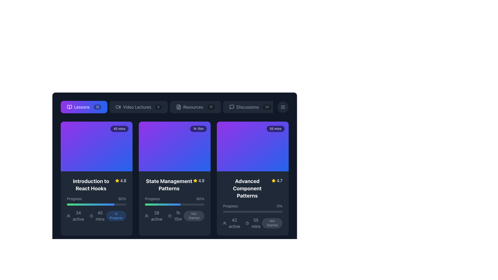  What do you see at coordinates (195, 180) in the screenshot?
I see `the yellow star icon representing ratings located in the card titled 'State Management Patterns', positioned to the left of the numeric rating '4.9'` at bounding box center [195, 180].